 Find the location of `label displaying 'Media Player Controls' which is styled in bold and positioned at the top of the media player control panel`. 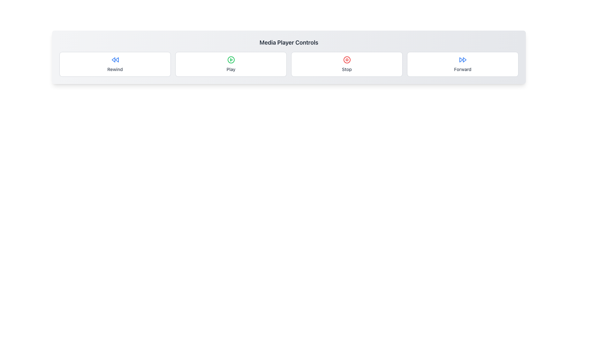

label displaying 'Media Player Controls' which is styled in bold and positioned at the top of the media player control panel is located at coordinates (289, 43).